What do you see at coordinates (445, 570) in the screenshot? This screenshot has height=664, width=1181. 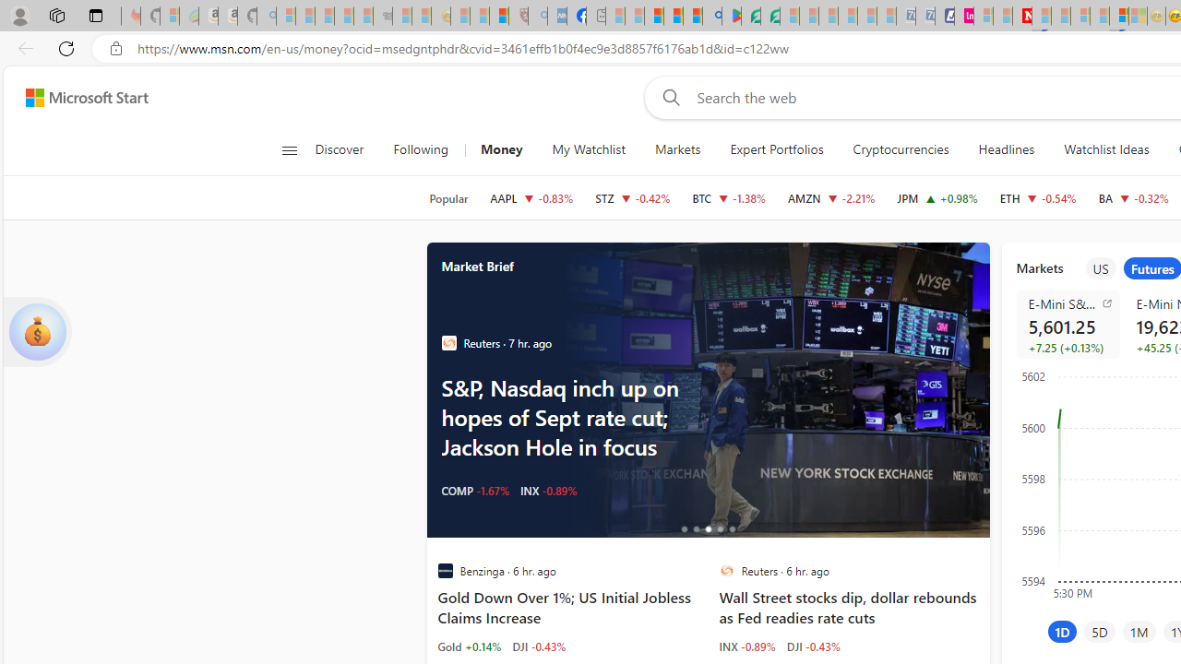 I see `'Benzinga'` at bounding box center [445, 570].